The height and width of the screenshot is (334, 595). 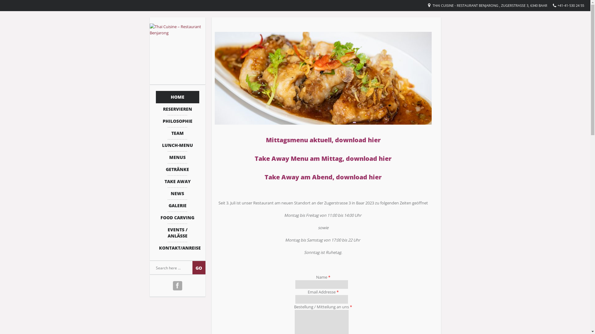 What do you see at coordinates (177, 133) in the screenshot?
I see `'TEAM'` at bounding box center [177, 133].